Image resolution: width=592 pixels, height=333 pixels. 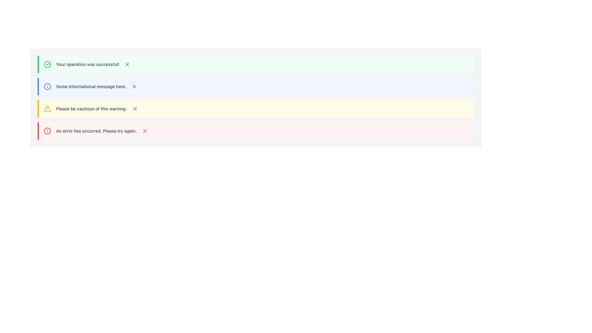 I want to click on the Close Button Icon, which is styled as an 'X' and located at the top-right corner of a warning message box, so click(x=134, y=109).